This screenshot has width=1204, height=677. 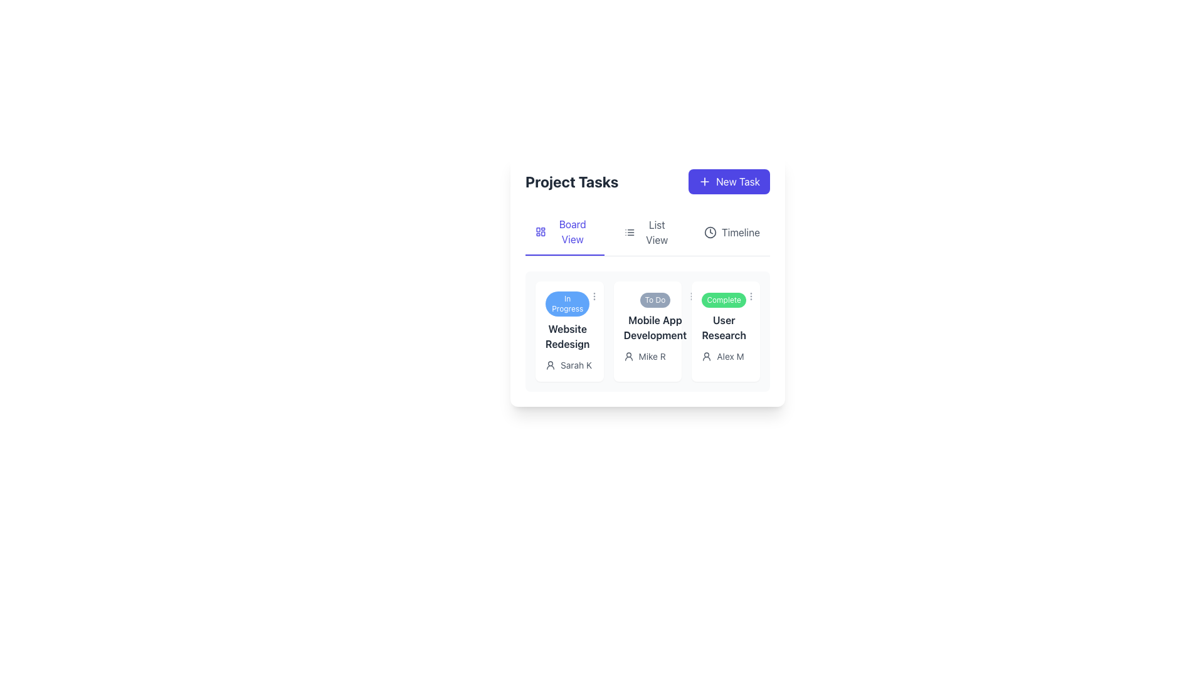 I want to click on the text block displaying 'Sarah K' with a user silhouette icon, located under the 'Website Redesign' section of the 'Project Tasks' panel, so click(x=569, y=365).